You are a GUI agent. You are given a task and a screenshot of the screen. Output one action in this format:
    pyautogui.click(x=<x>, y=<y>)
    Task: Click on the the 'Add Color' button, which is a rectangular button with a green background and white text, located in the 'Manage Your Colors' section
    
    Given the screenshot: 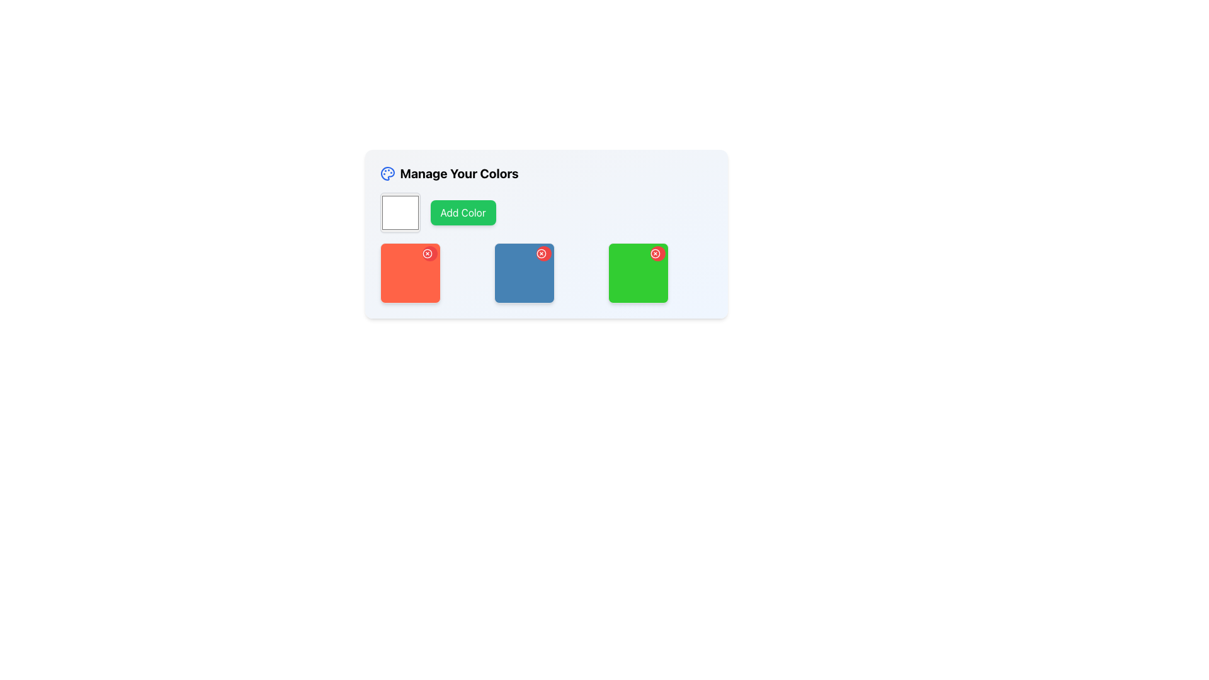 What is the action you would take?
    pyautogui.click(x=462, y=212)
    